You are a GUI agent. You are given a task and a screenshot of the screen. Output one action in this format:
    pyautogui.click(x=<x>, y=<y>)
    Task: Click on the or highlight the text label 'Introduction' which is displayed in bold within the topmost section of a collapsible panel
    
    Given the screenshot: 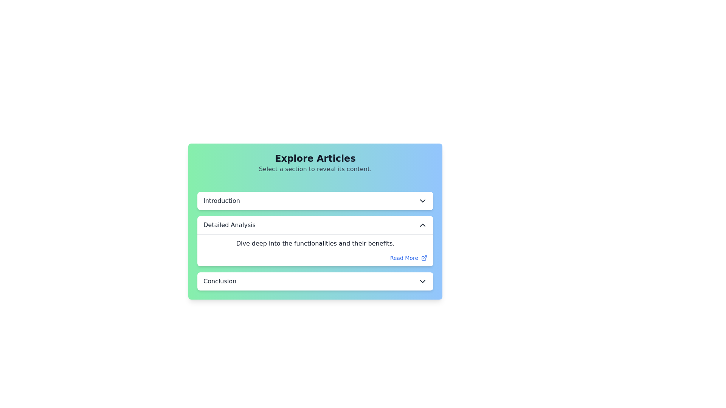 What is the action you would take?
    pyautogui.click(x=221, y=201)
    